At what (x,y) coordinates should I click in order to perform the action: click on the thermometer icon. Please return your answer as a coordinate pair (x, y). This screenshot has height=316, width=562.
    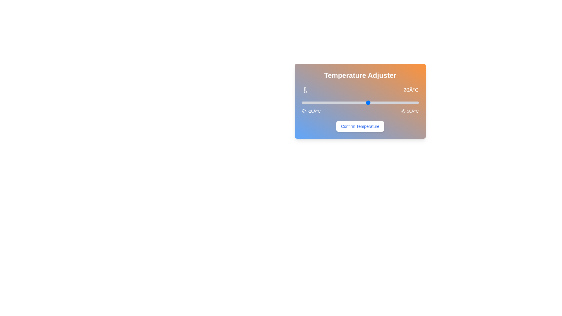
    Looking at the image, I should click on (305, 90).